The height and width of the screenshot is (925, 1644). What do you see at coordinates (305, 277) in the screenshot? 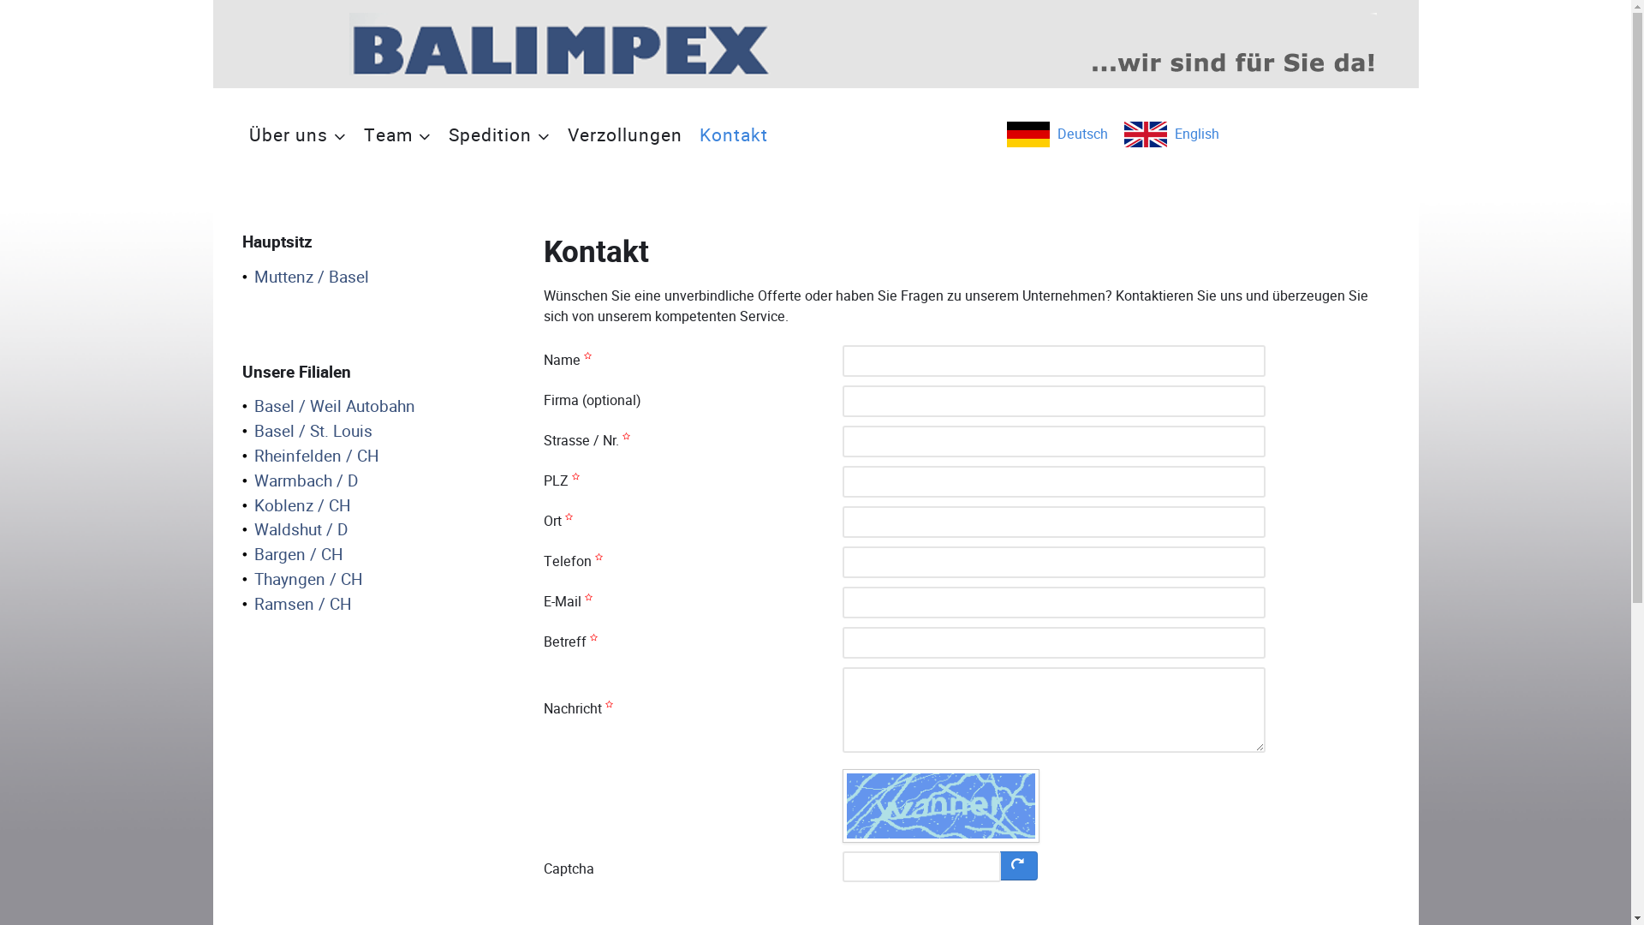
I see `'Muttenz / Basel'` at bounding box center [305, 277].